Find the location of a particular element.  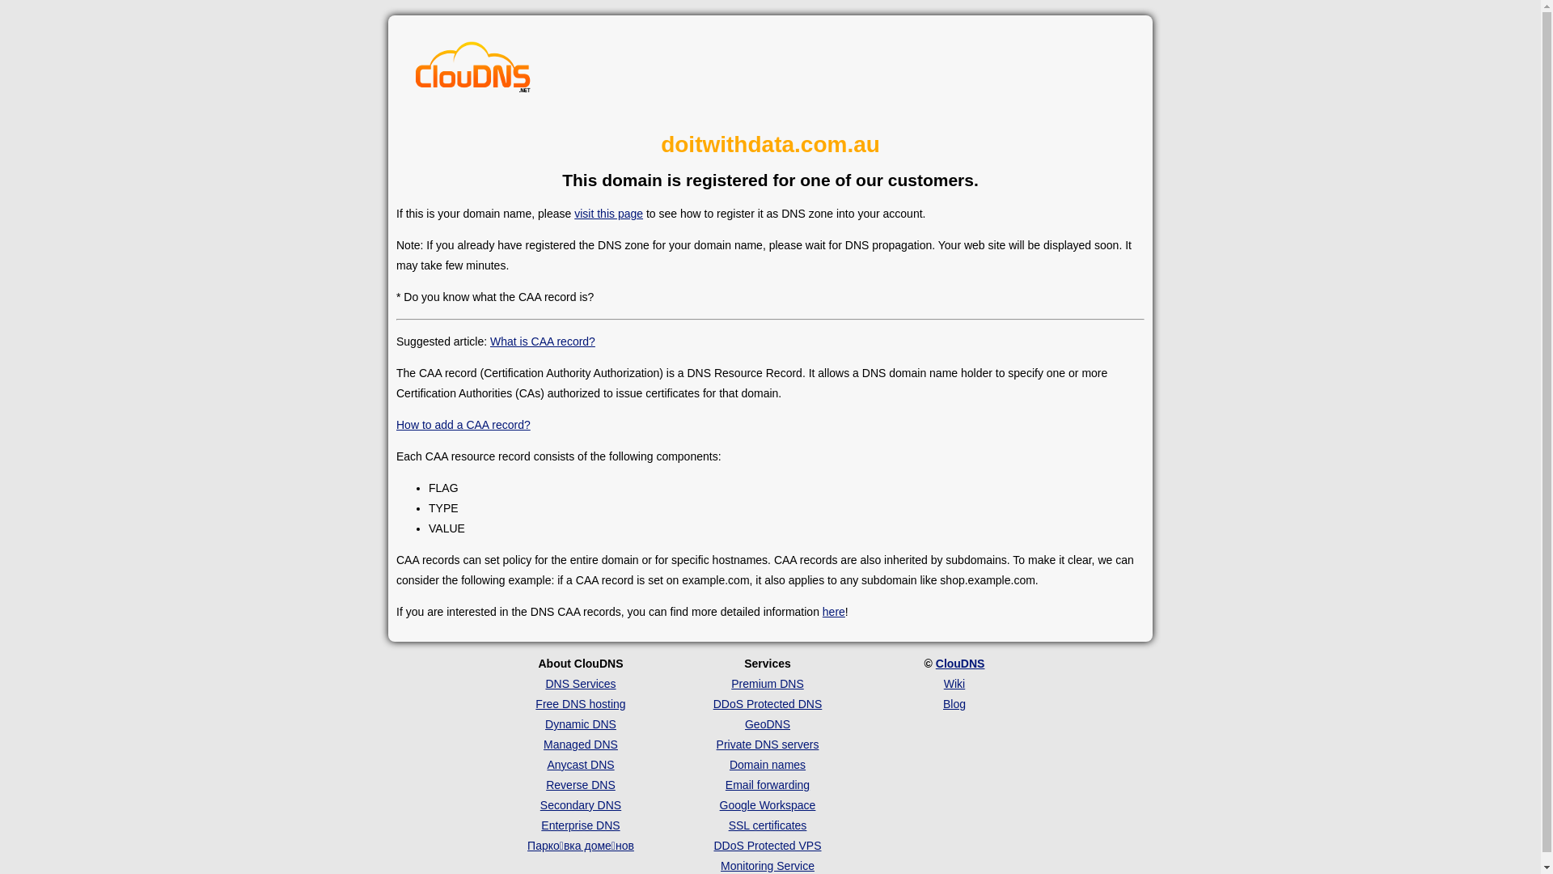

'Secondary DNS' is located at coordinates (581, 805).